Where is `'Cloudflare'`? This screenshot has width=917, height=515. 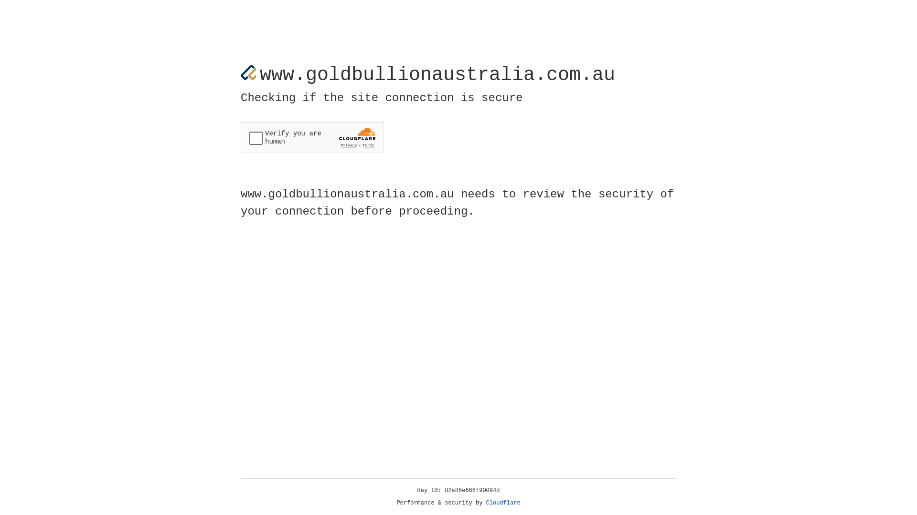
'Cloudflare' is located at coordinates (503, 503).